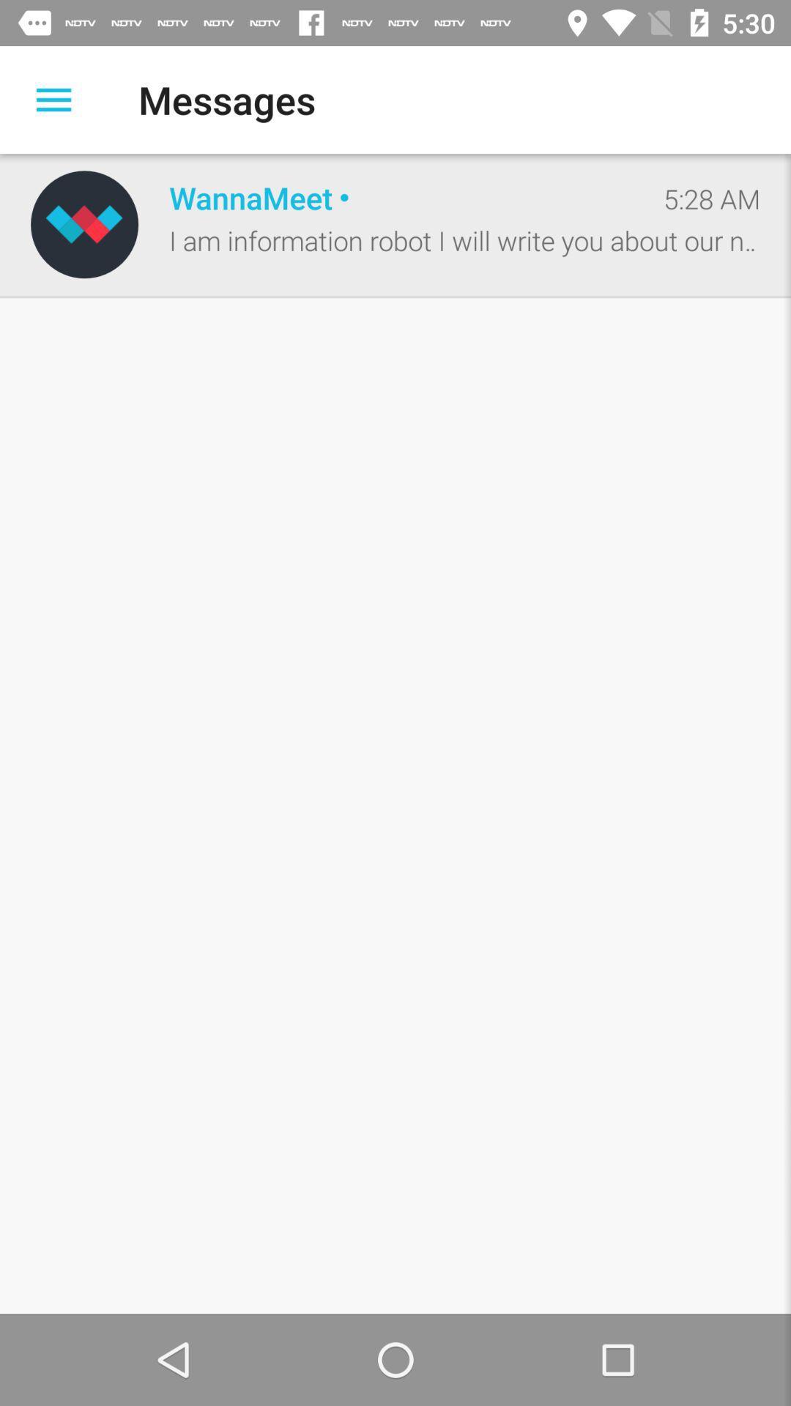  Describe the element at coordinates (464, 240) in the screenshot. I see `i am information` at that location.